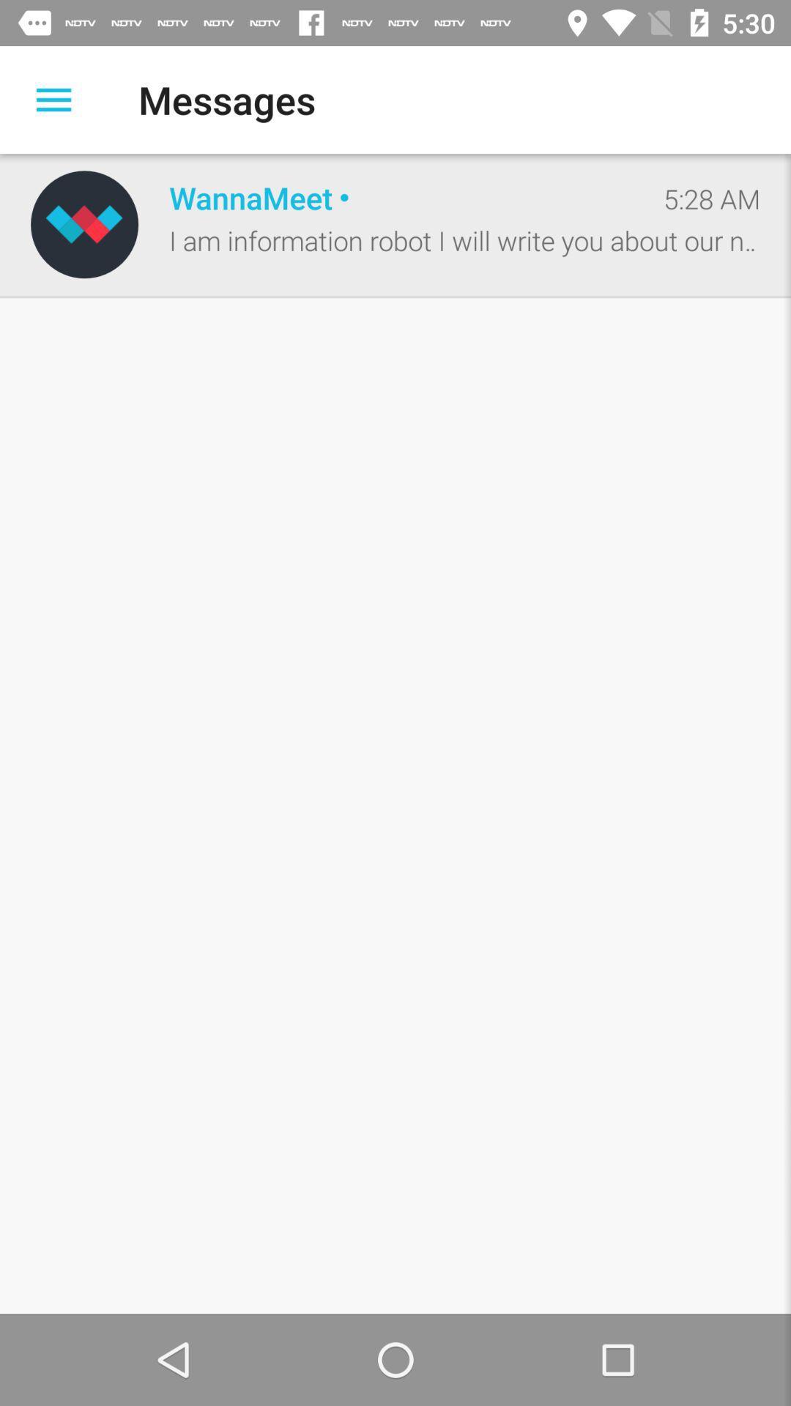  Describe the element at coordinates (464, 240) in the screenshot. I see `i am information` at that location.